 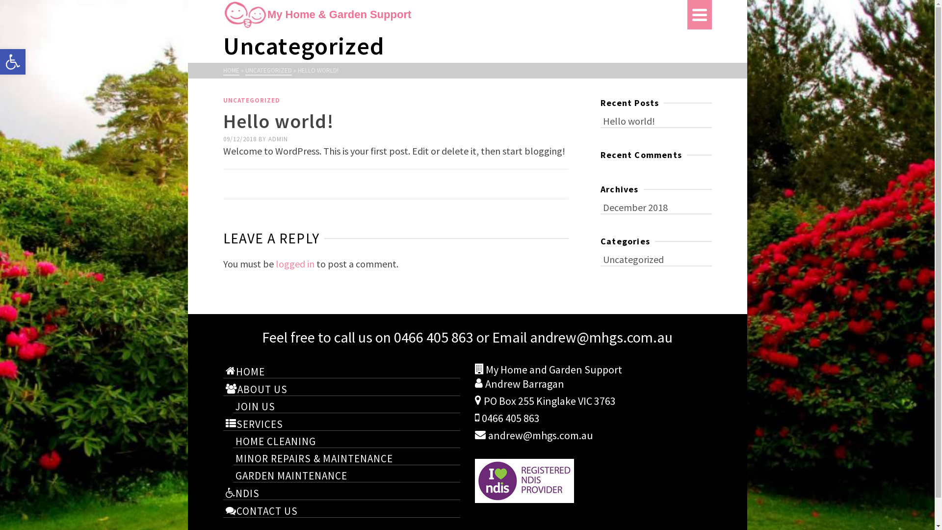 I want to click on 'HOME CLEANING', so click(x=346, y=440).